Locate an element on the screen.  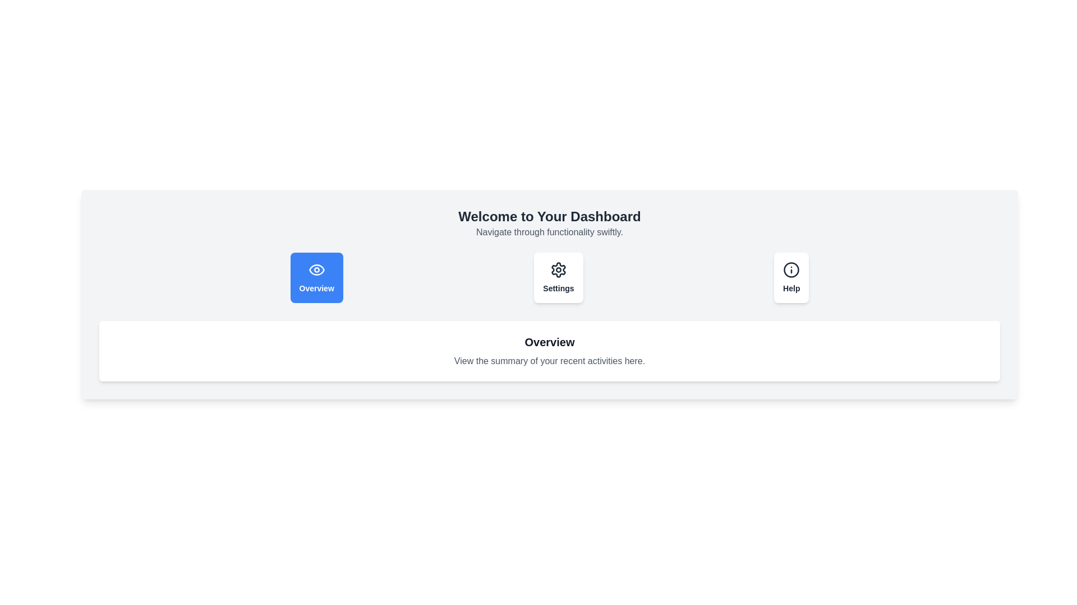
the settings icon, which resembles a gear or cog, located at the center of the 'Settings' card is located at coordinates (558, 270).